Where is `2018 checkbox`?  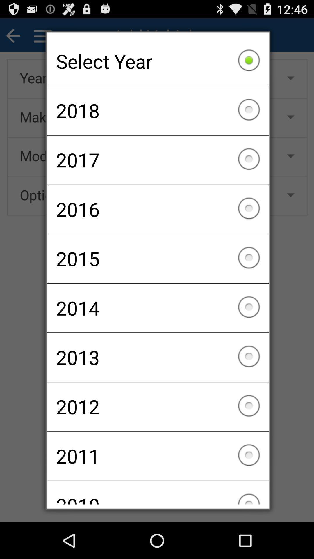 2018 checkbox is located at coordinates (158, 111).